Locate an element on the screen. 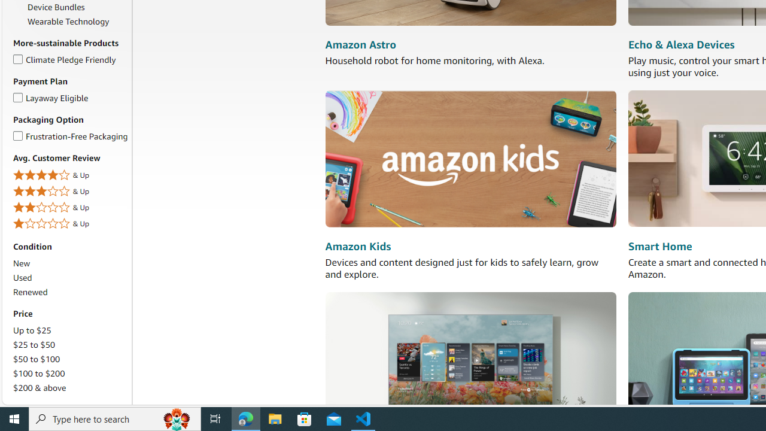 This screenshot has width=766, height=431. '1 Star & Up& Up' is located at coordinates (69, 224).